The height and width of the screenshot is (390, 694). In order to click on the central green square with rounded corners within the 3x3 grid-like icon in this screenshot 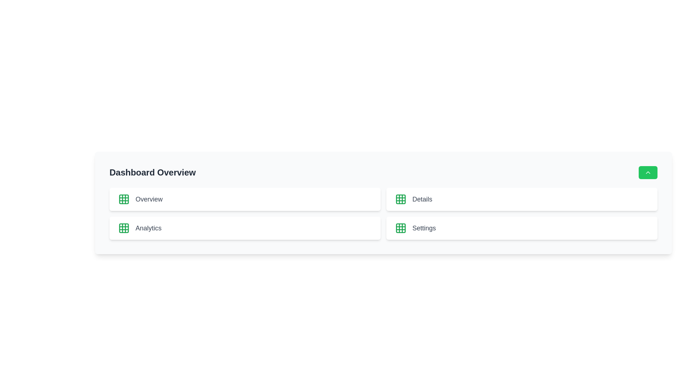, I will do `click(400, 199)`.